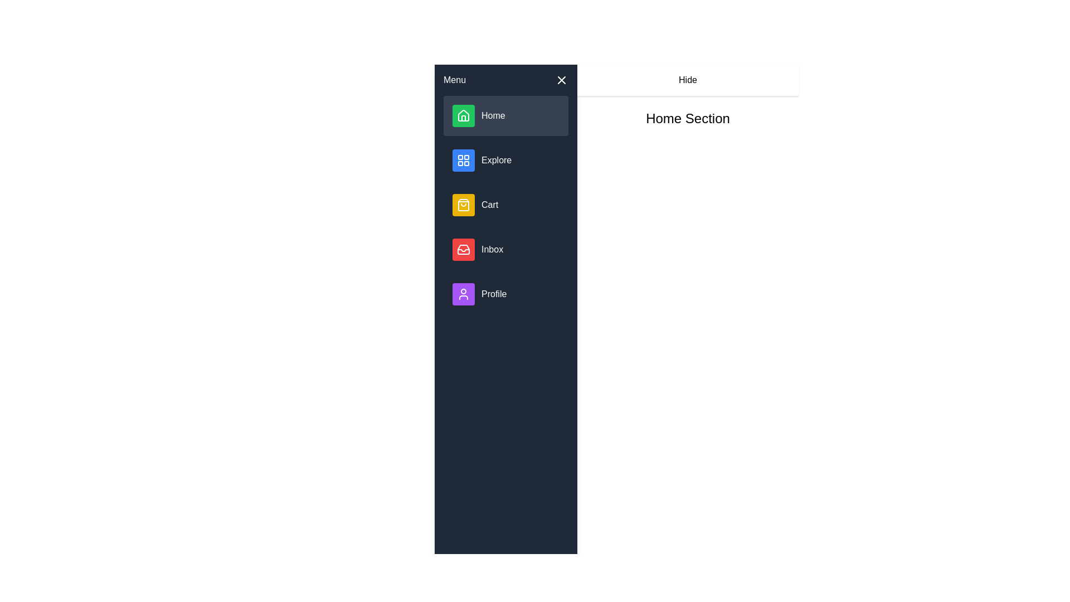  I want to click on the text label that says 'Hide', which is horizontally centered above the 'Home Section' label in the main content area, so click(687, 80).